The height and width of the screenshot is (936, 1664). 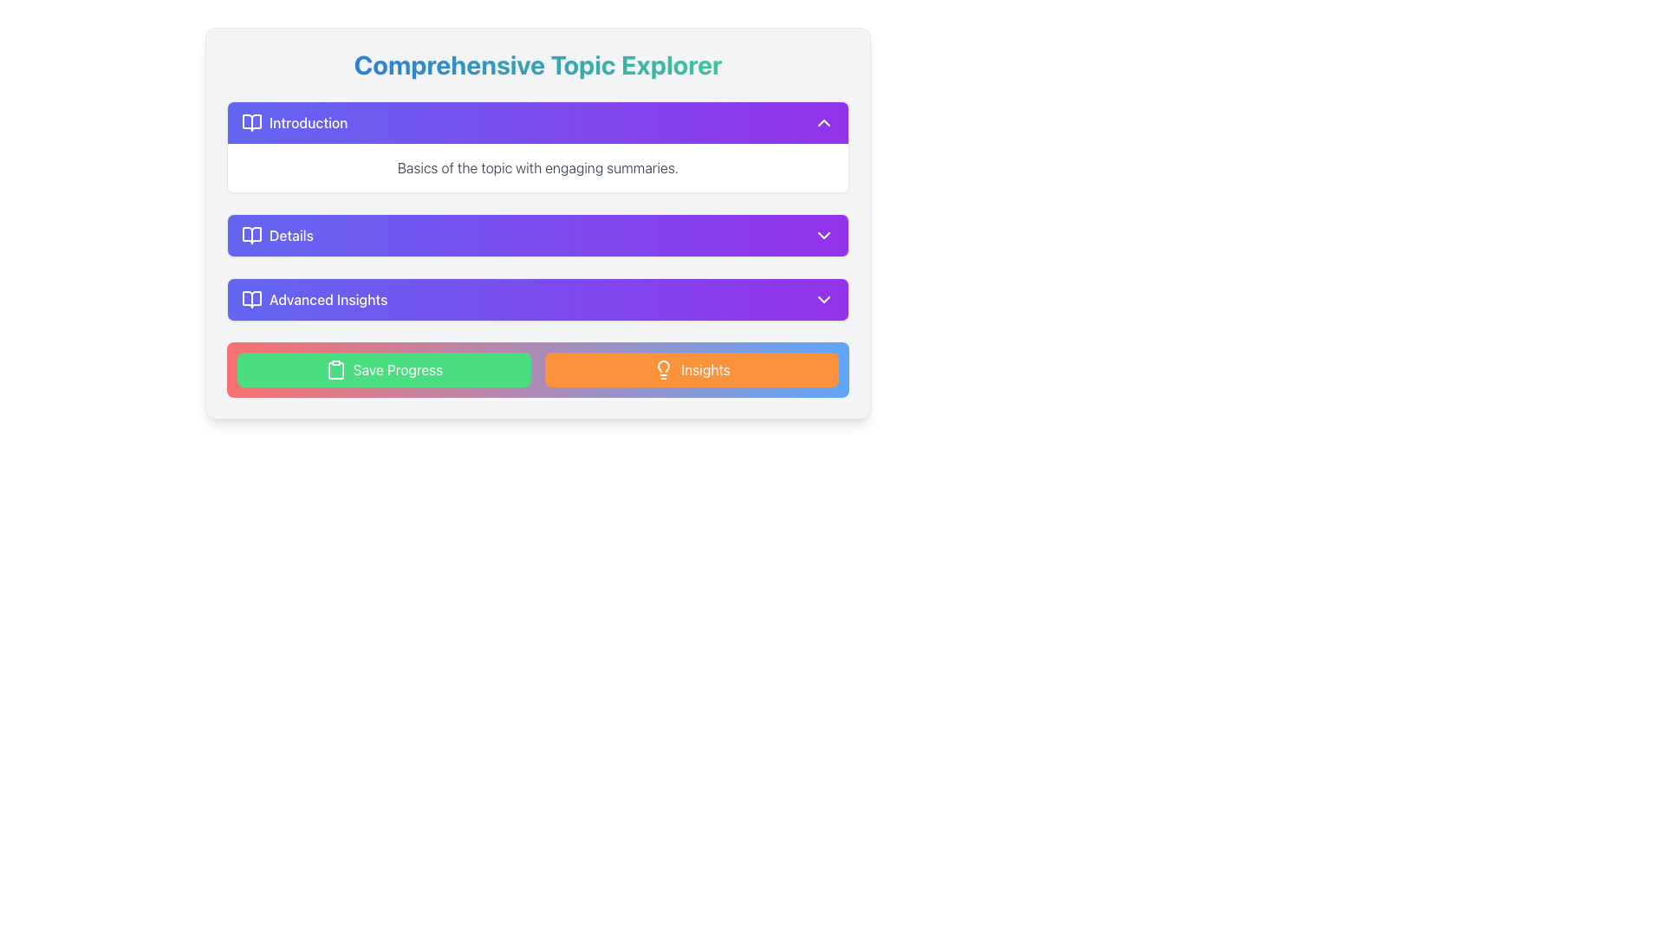 I want to click on the small book icon positioned immediately to the left of the 'Introduction' text label, which is aligned at the top of a list of collapsible sections, so click(x=251, y=122).